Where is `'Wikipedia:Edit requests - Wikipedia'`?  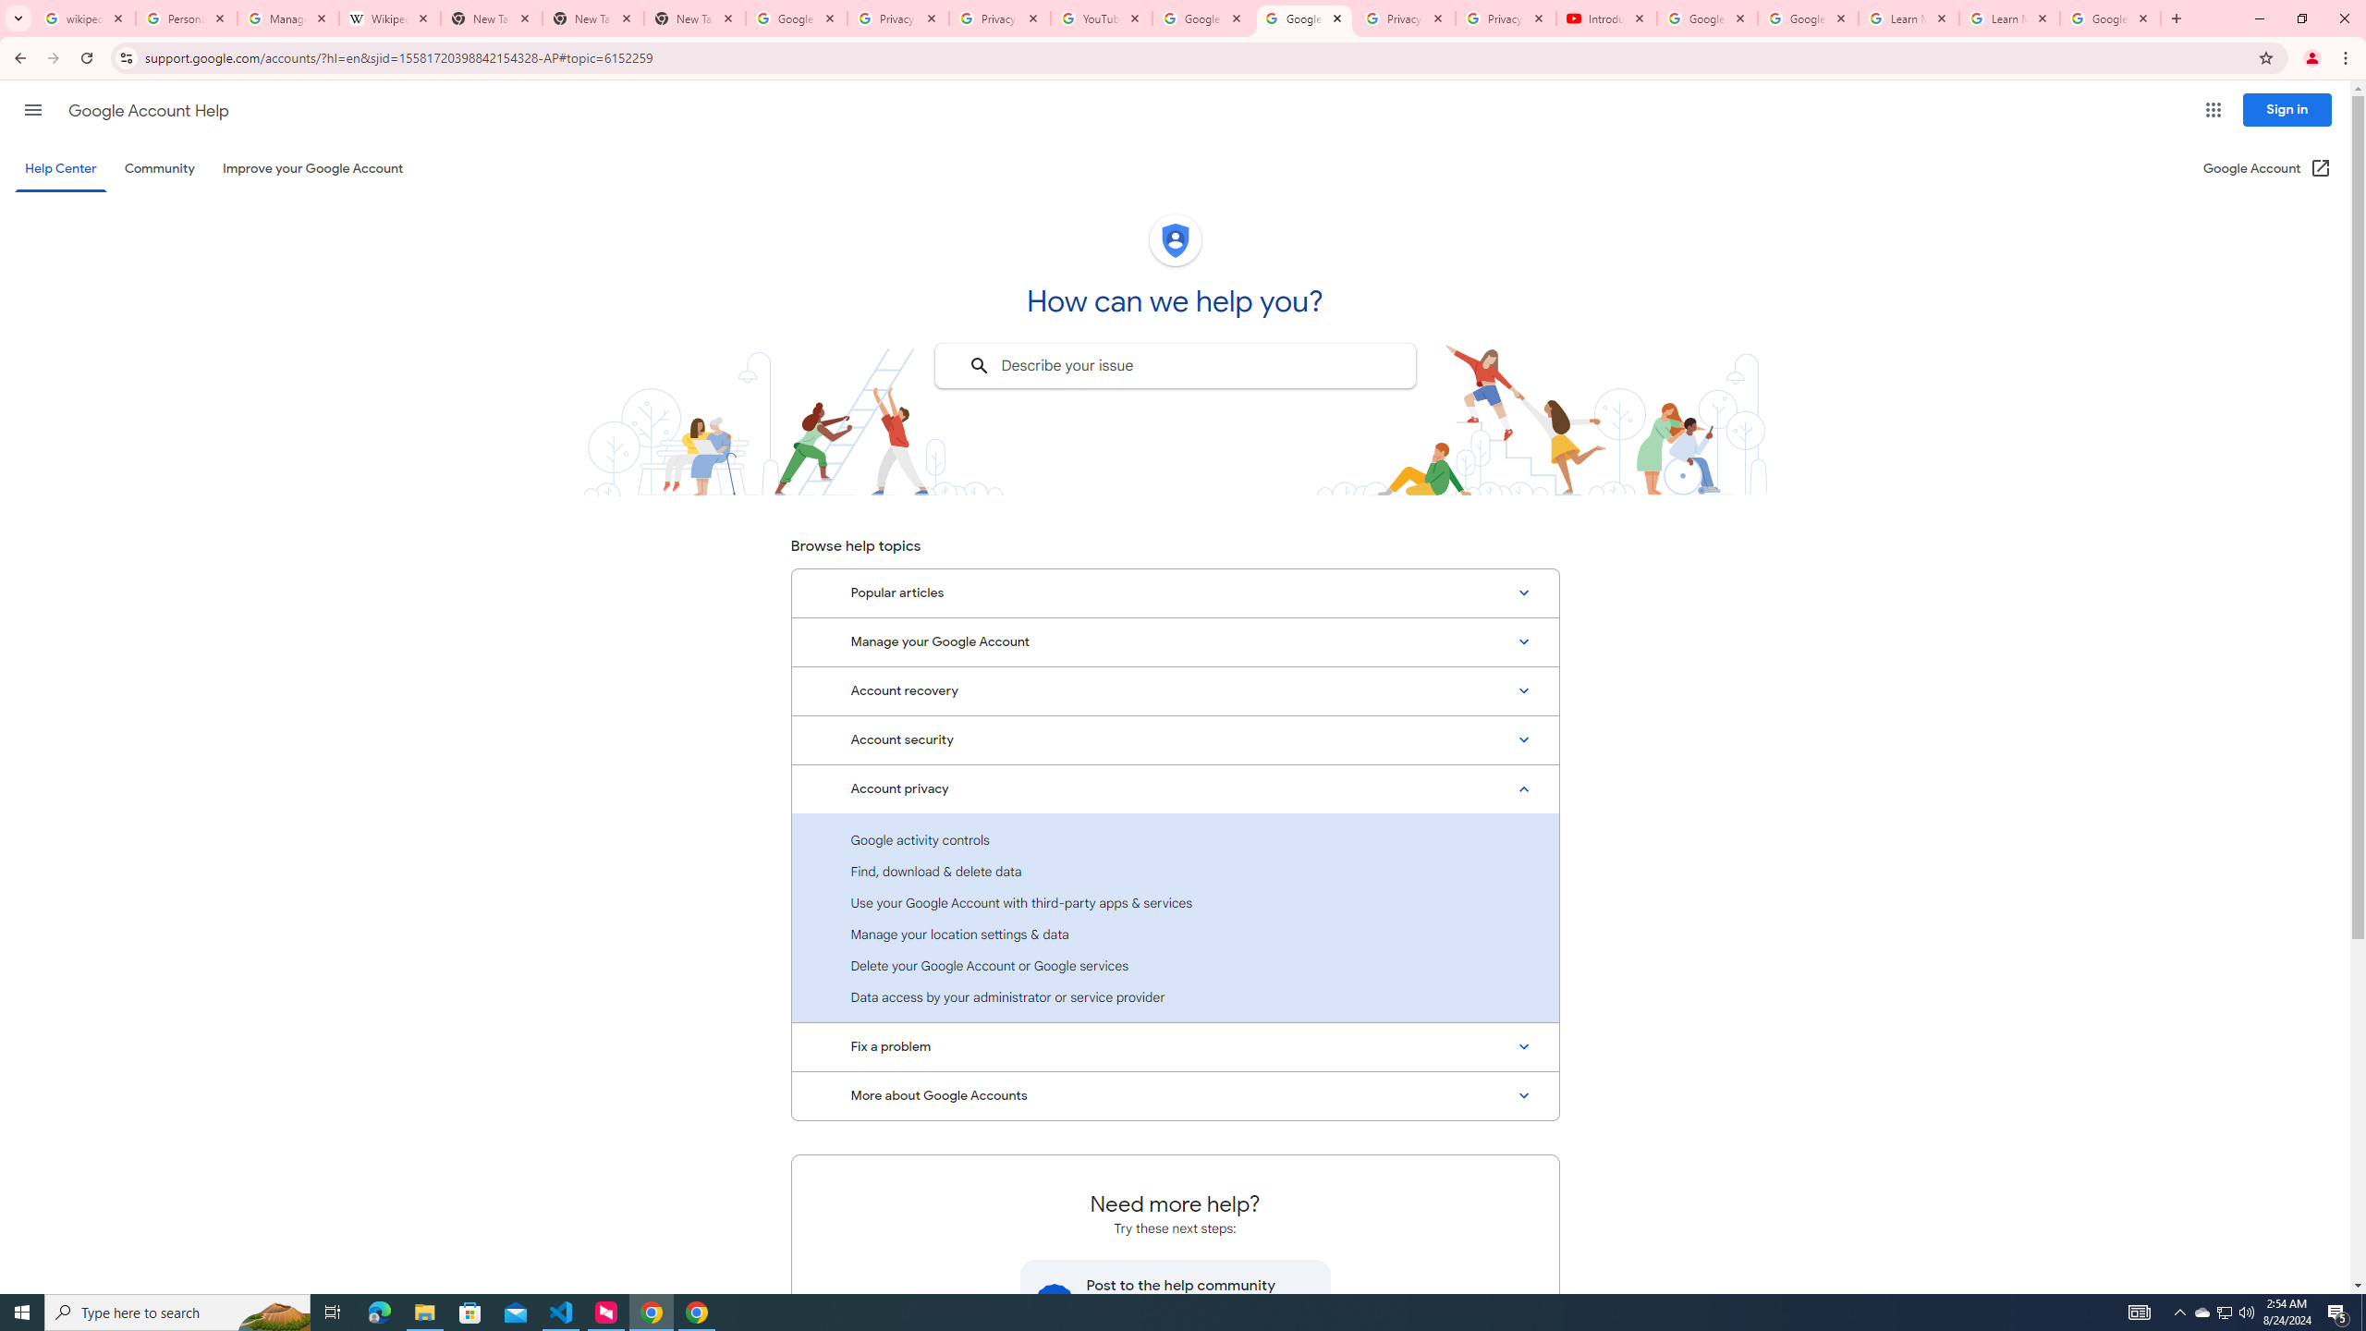 'Wikipedia:Edit requests - Wikipedia' is located at coordinates (389, 18).